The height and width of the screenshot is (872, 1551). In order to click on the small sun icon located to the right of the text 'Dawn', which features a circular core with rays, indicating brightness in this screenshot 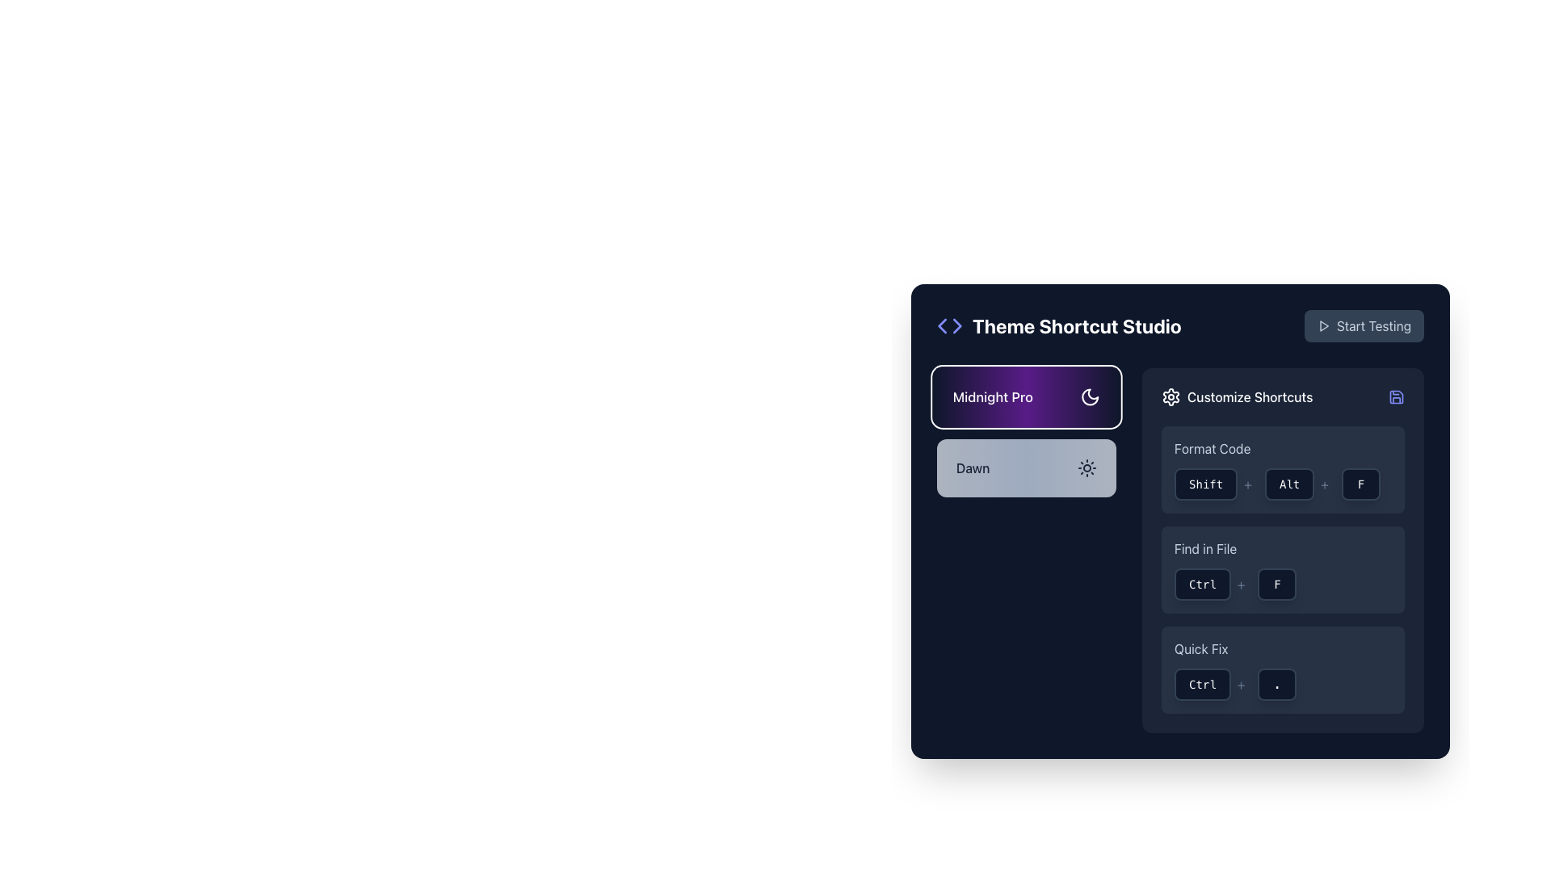, I will do `click(1087, 467)`.